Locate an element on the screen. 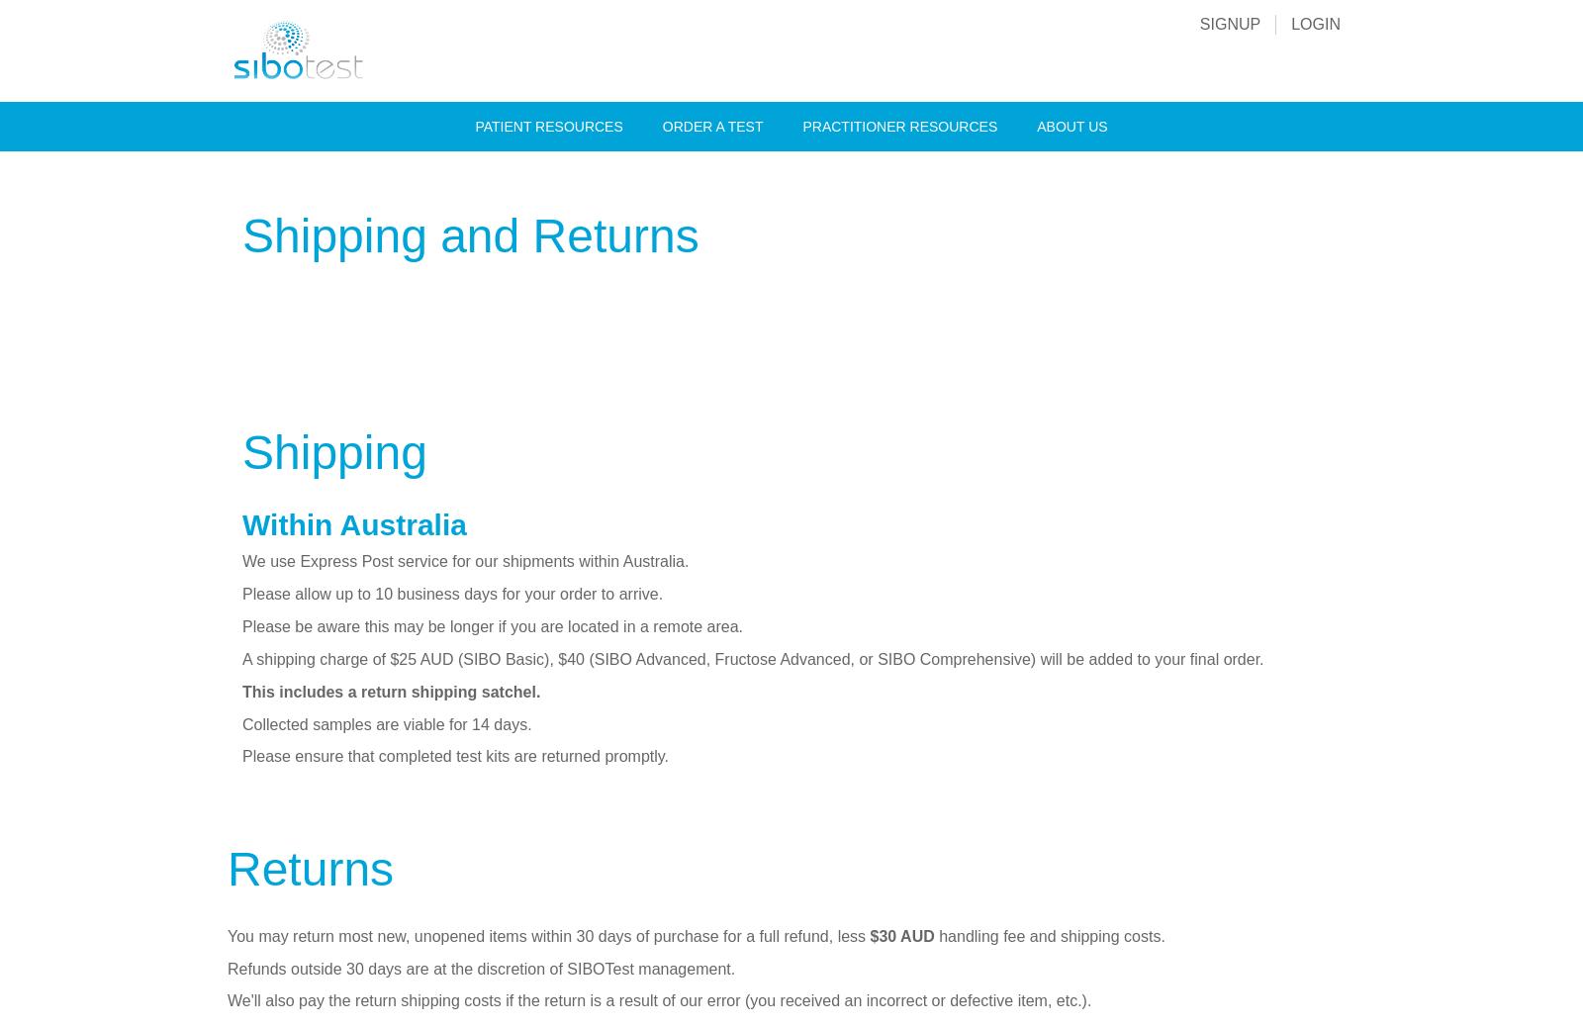 Image resolution: width=1583 pixels, height=1027 pixels. 'Patient Resources' is located at coordinates (547, 125).